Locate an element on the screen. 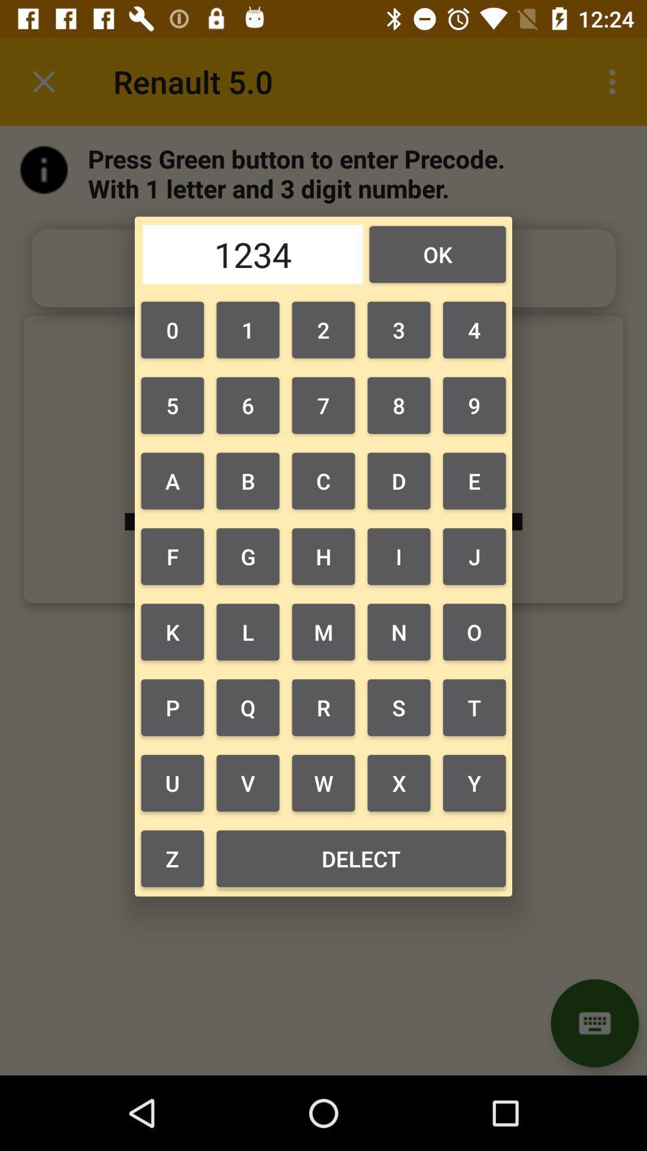  2 icon is located at coordinates (323, 330).